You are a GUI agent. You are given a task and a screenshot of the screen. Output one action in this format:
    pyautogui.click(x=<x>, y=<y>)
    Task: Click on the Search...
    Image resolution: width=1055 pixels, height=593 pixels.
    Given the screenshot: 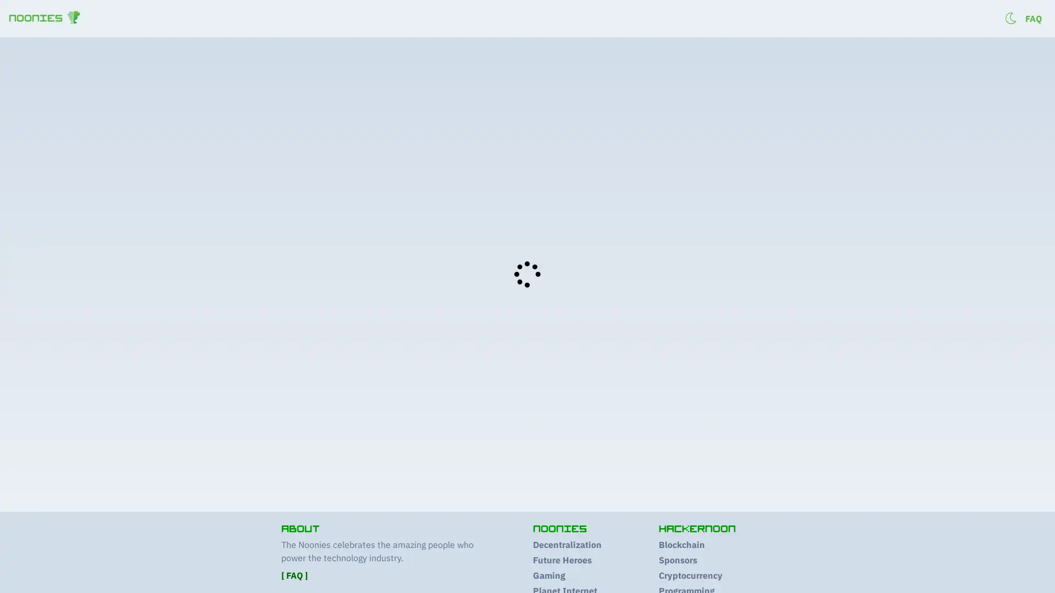 What is the action you would take?
    pyautogui.click(x=908, y=55)
    